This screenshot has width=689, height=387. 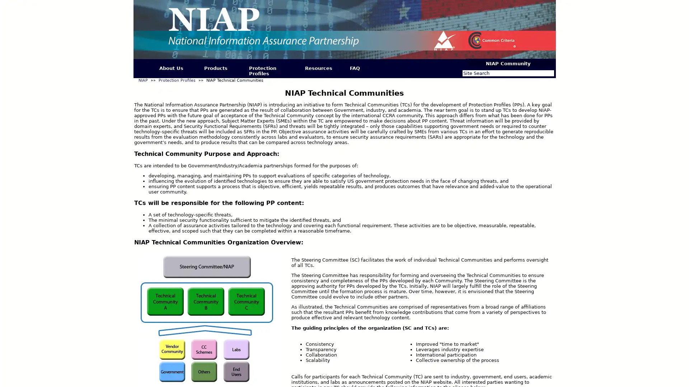 I want to click on NIAP Community, so click(x=510, y=63).